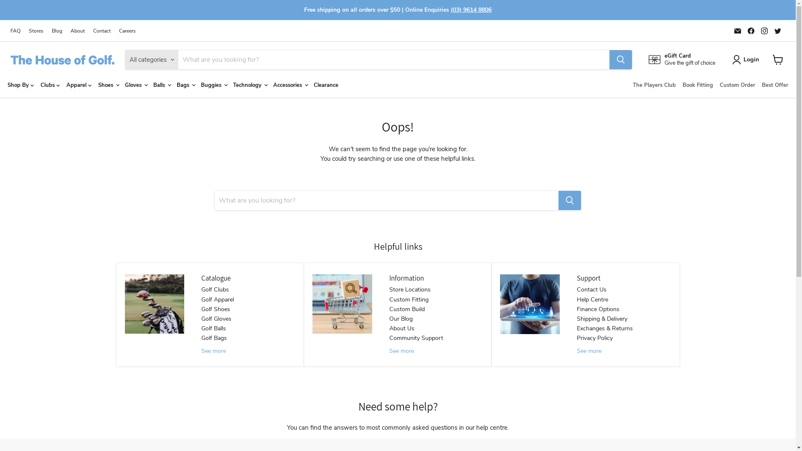 This screenshot has width=802, height=451. What do you see at coordinates (127, 30) in the screenshot?
I see `'Careers'` at bounding box center [127, 30].